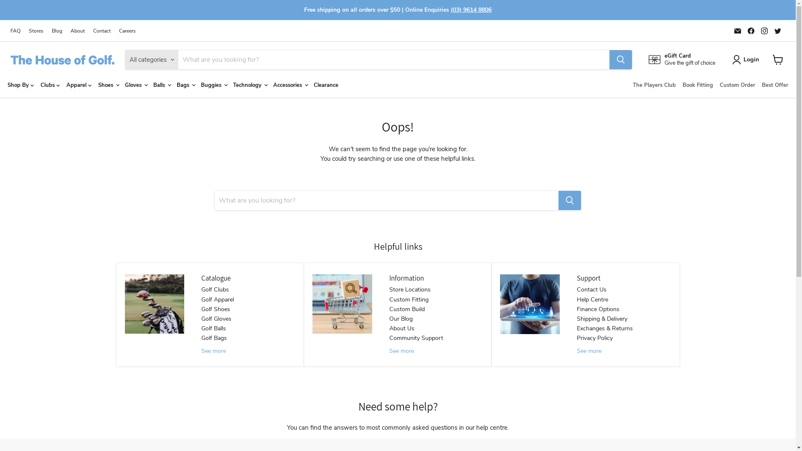 This screenshot has width=802, height=451. What do you see at coordinates (127, 30) in the screenshot?
I see `'Careers'` at bounding box center [127, 30].